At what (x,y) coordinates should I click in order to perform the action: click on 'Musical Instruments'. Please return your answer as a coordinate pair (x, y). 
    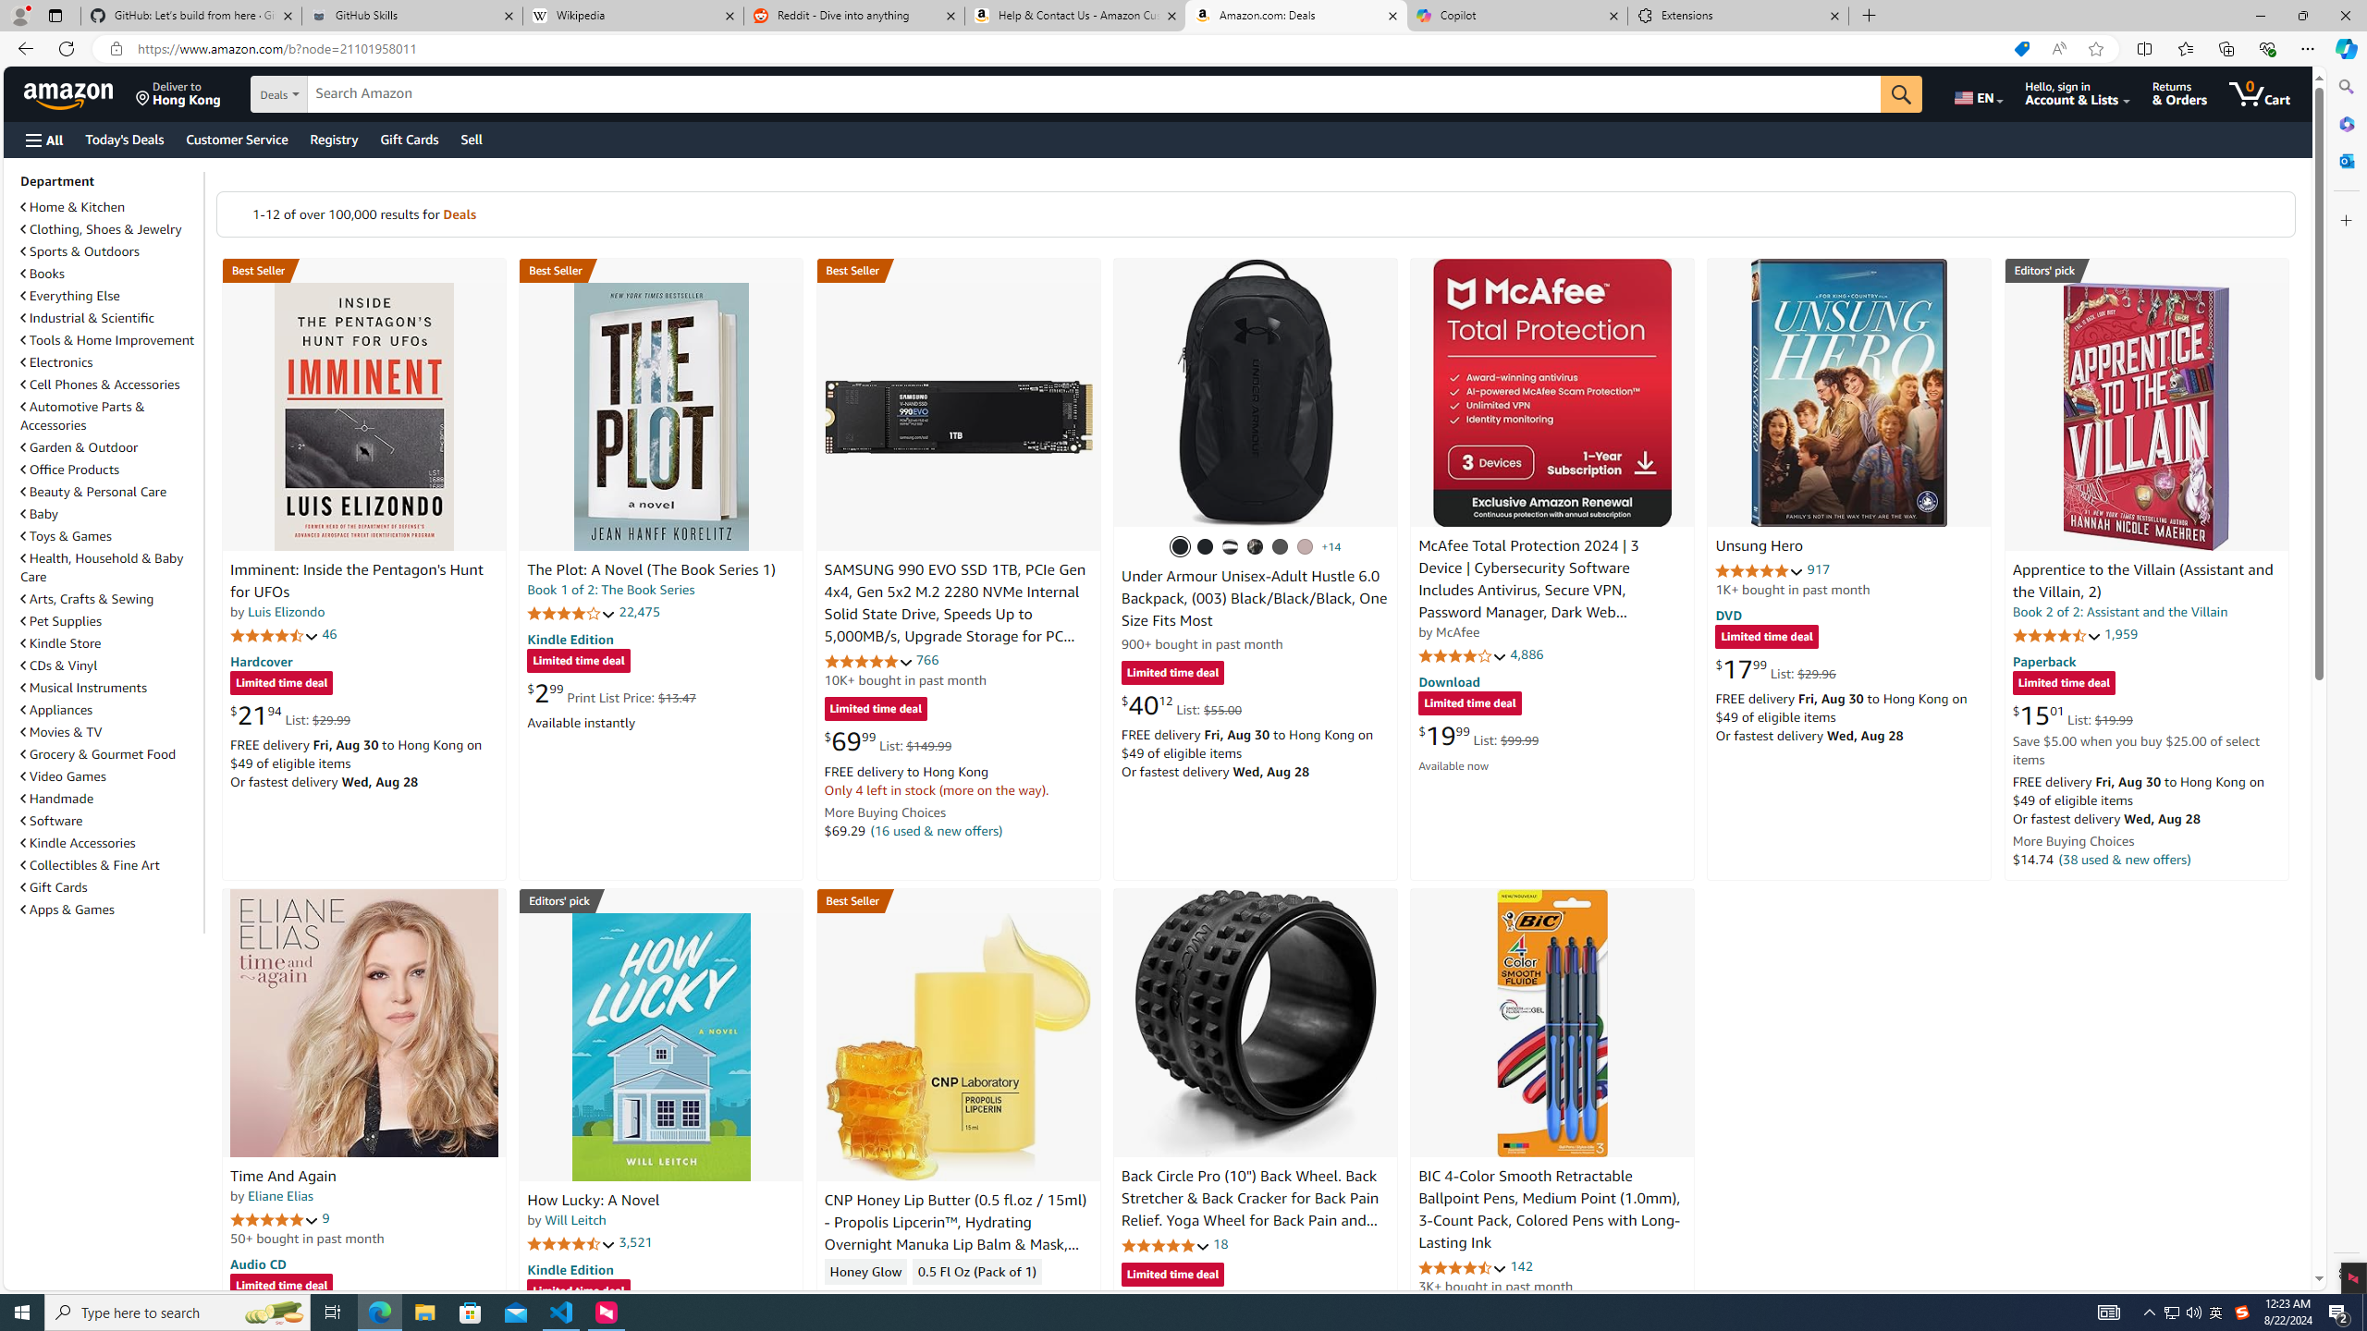
    Looking at the image, I should click on (82, 686).